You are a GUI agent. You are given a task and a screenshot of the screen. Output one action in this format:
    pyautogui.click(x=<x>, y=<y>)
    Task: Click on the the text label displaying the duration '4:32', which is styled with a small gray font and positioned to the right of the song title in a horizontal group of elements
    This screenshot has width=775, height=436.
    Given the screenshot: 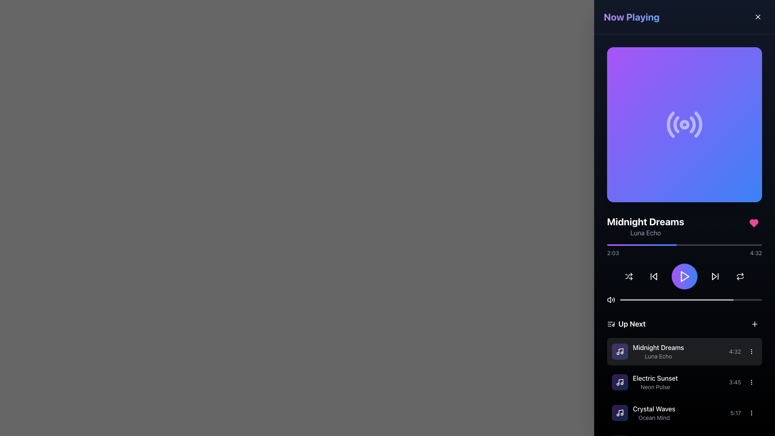 What is the action you would take?
    pyautogui.click(x=735, y=351)
    